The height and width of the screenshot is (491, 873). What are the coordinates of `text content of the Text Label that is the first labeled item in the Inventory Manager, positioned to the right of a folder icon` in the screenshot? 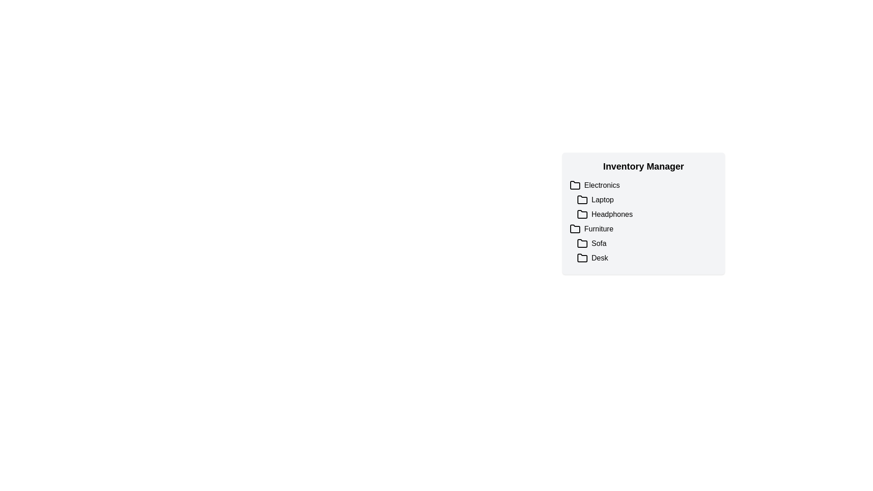 It's located at (602, 185).